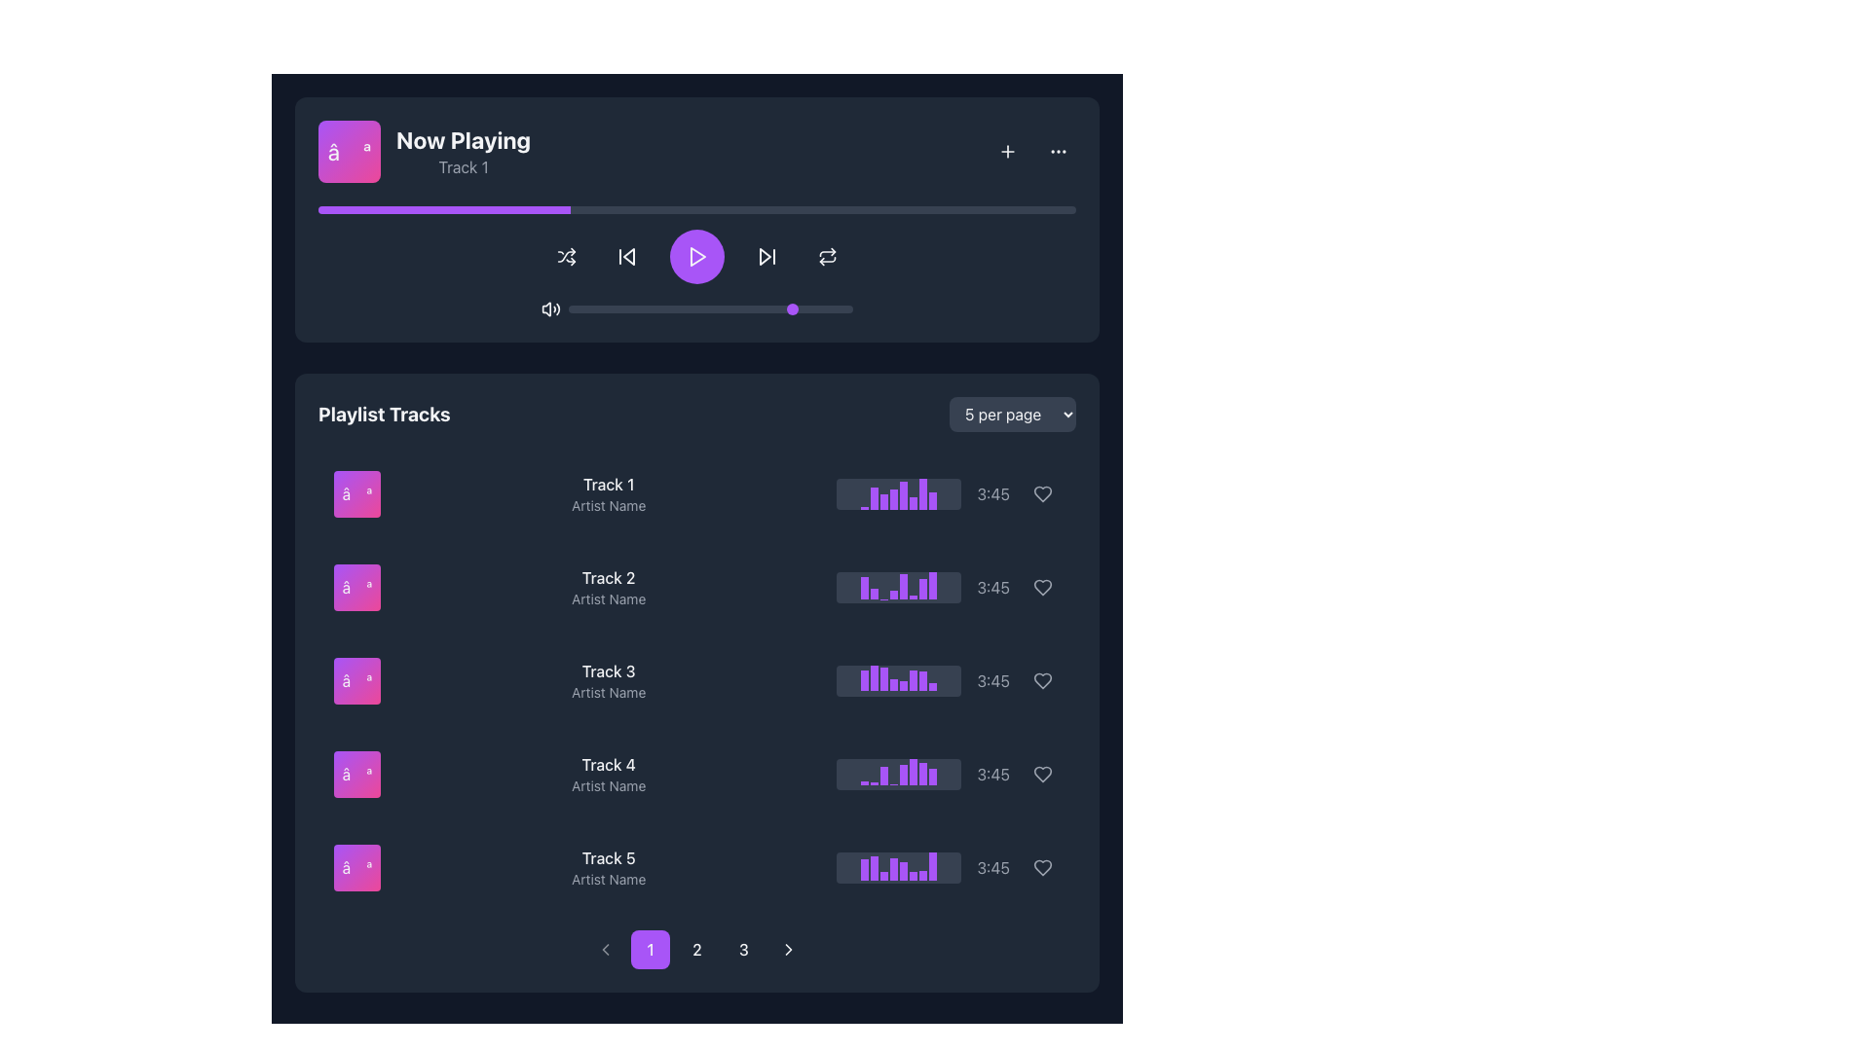 The width and height of the screenshot is (1870, 1051). What do you see at coordinates (993, 866) in the screenshot?
I see `the text label displaying '3:45' on the far right side of the fifth row in the playlist track list` at bounding box center [993, 866].